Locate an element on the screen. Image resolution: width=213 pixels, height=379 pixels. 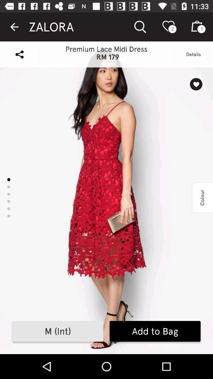
icon to the left of add to bag is located at coordinates (57, 331).